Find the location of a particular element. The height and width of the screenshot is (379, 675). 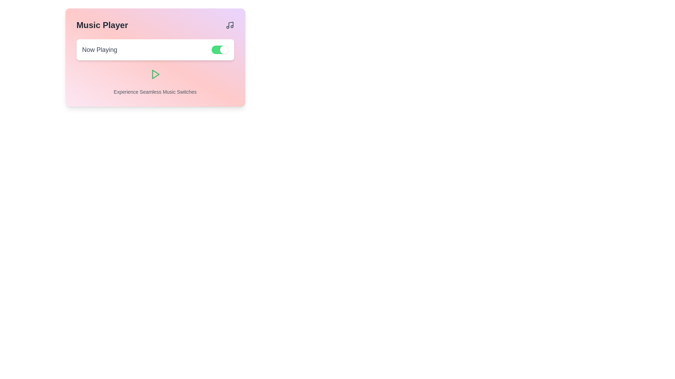

the green play button icon located in the horizontal row at the bottom of the 'Music Player' card is located at coordinates (155, 74).